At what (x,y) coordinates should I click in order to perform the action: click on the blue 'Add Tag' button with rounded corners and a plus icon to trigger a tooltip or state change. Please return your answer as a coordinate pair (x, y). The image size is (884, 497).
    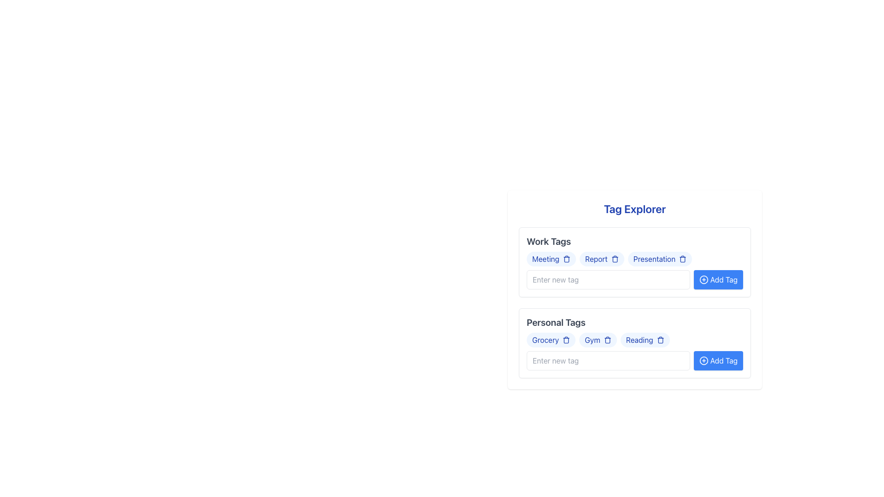
    Looking at the image, I should click on (718, 360).